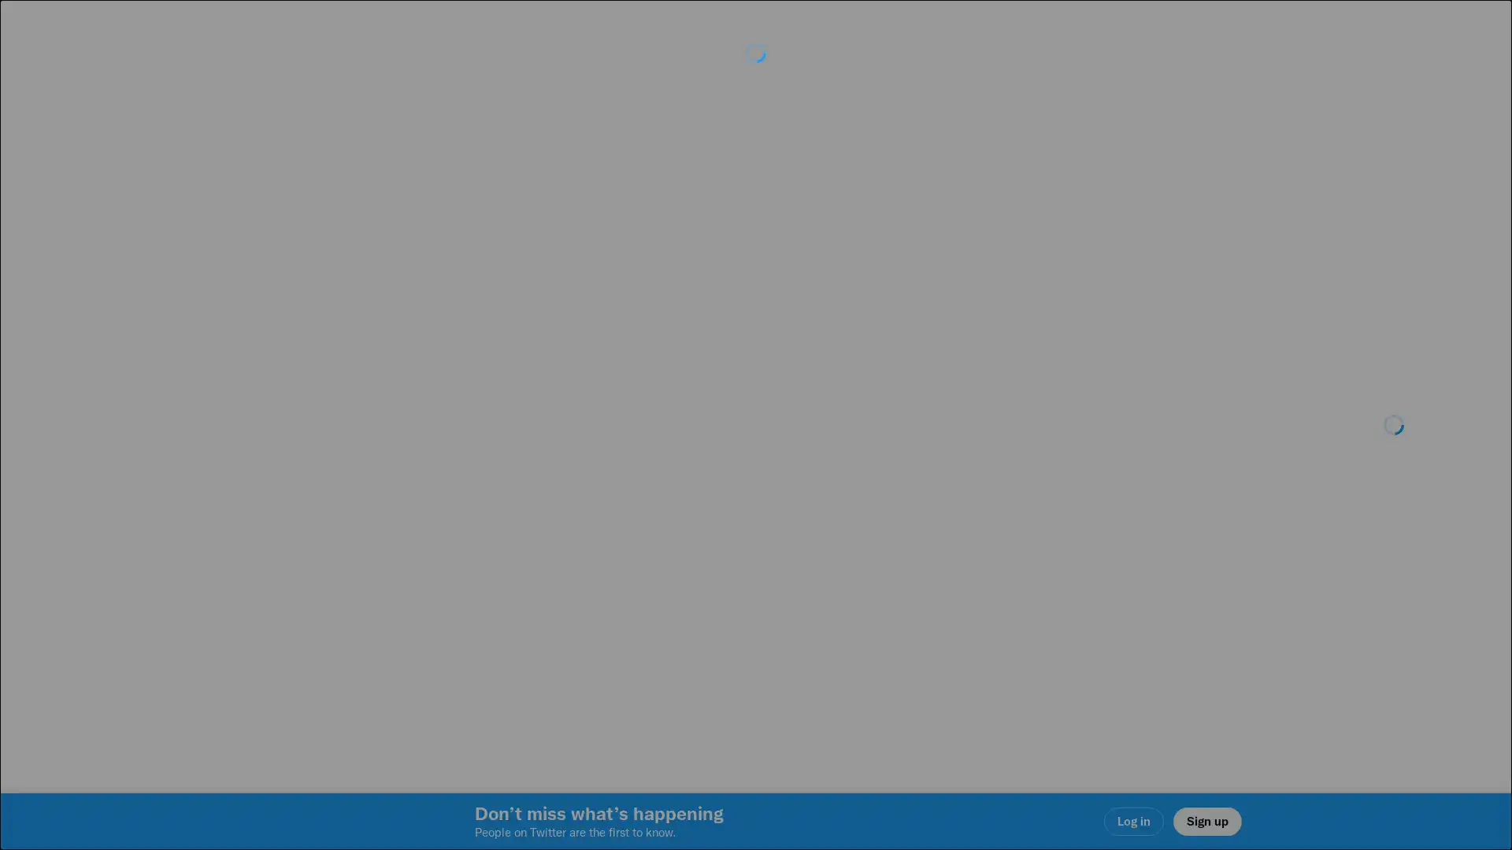 The width and height of the screenshot is (1512, 850). What do you see at coordinates (945, 536) in the screenshot?
I see `Log in` at bounding box center [945, 536].